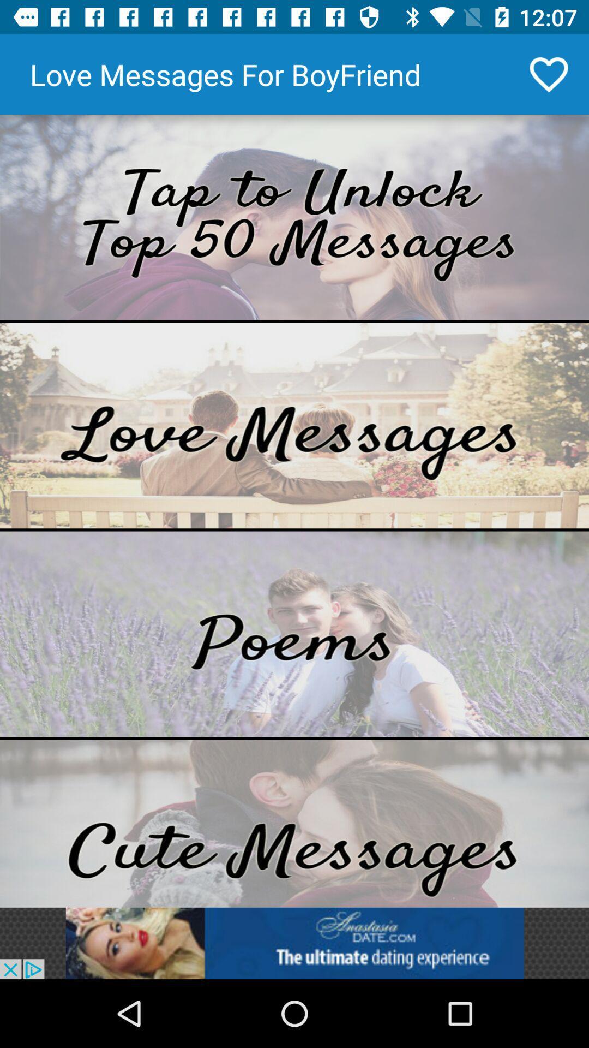  I want to click on advertisement, so click(294, 217).